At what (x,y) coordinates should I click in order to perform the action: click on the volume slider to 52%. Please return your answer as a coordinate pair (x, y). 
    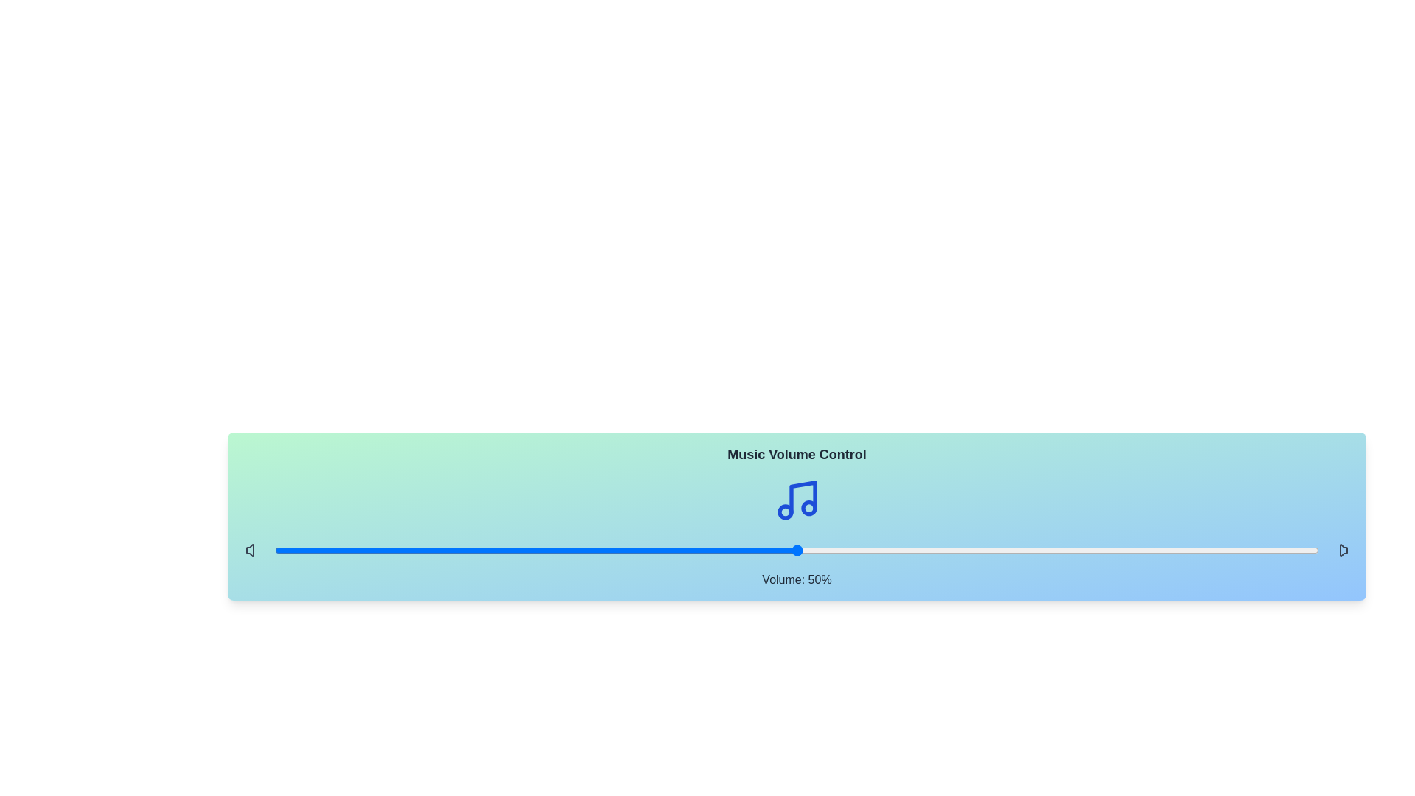
    Looking at the image, I should click on (817, 551).